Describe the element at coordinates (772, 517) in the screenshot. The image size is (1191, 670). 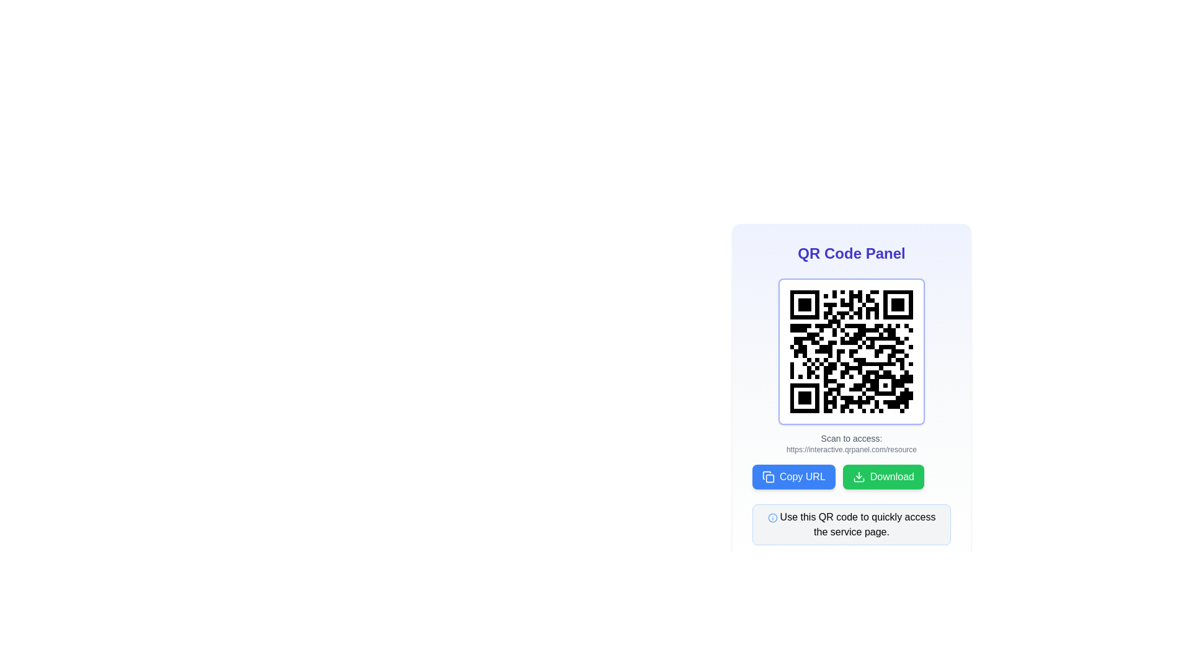
I see `the graphical circle within the information icon located at the top-right corner of the QR code panel to identify related information` at that location.